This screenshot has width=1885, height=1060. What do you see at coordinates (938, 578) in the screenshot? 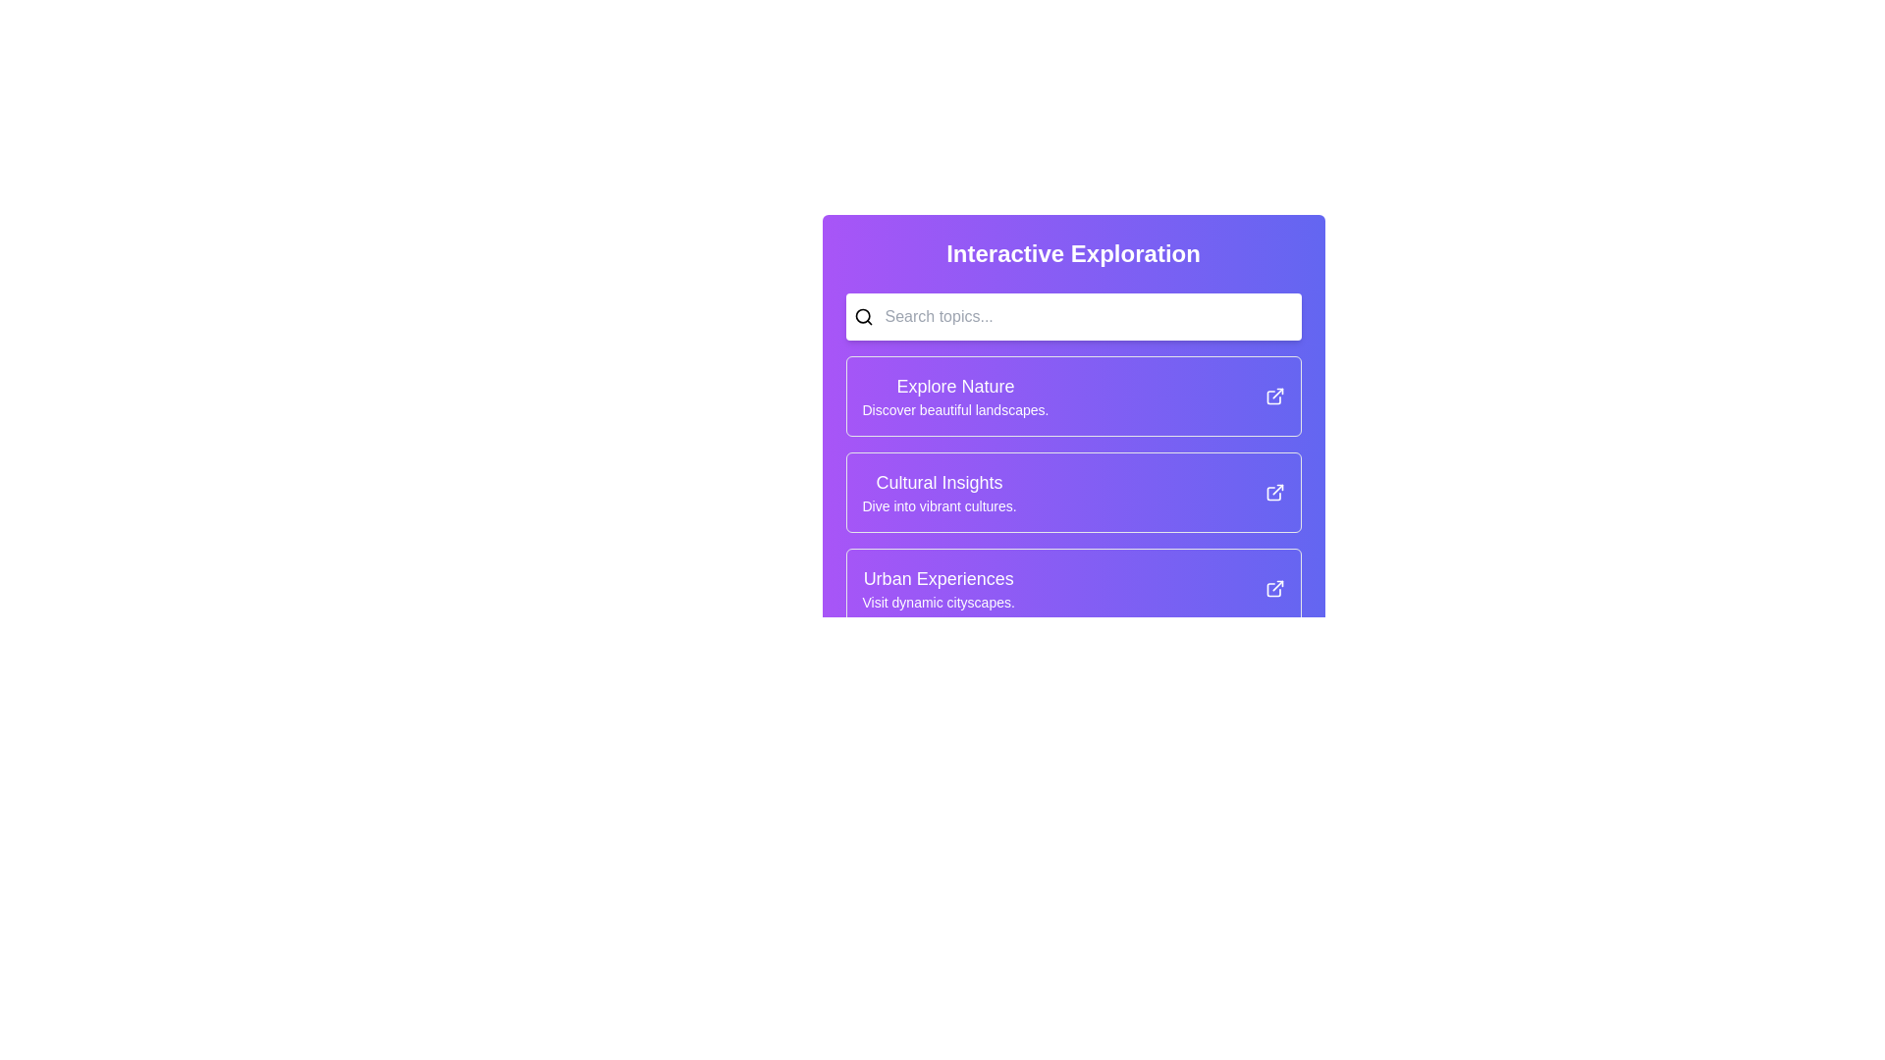
I see `the bold text label displaying 'Urban Experiences', which is centrally aligned in a gradient purple box at the top of the third rectangular section of the interface` at bounding box center [938, 578].